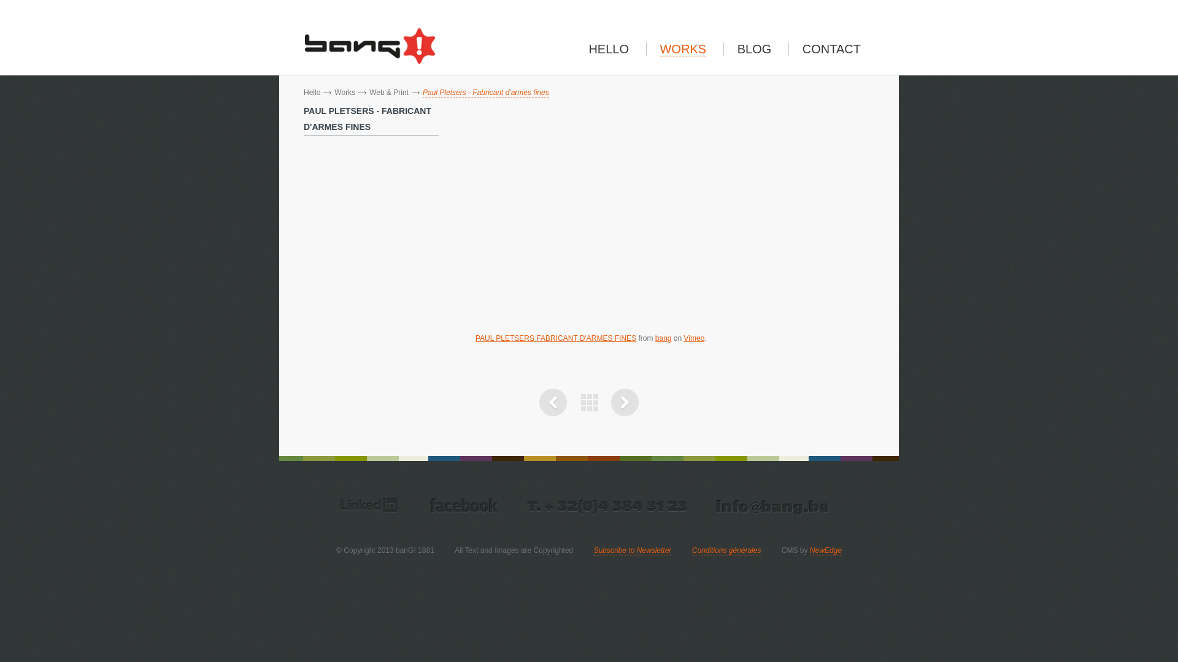 This screenshot has height=662, width=1178. I want to click on 'Hello', so click(312, 91).